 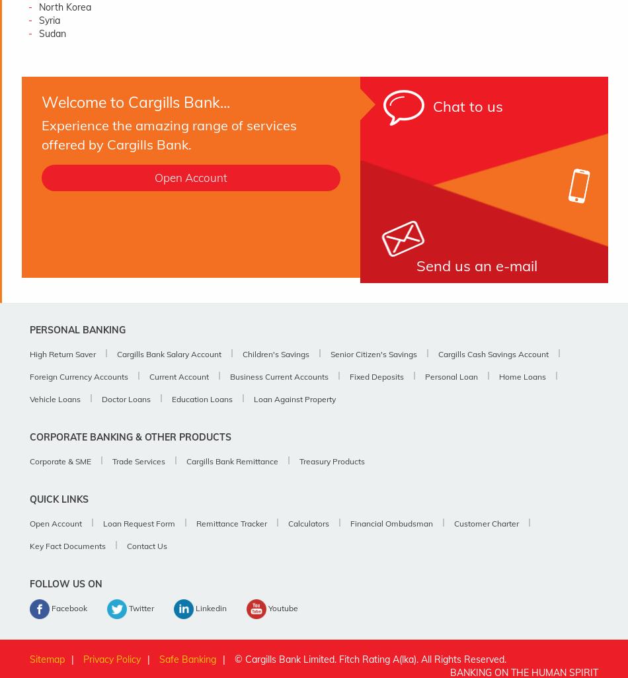 What do you see at coordinates (49, 20) in the screenshot?
I see `'Syria'` at bounding box center [49, 20].